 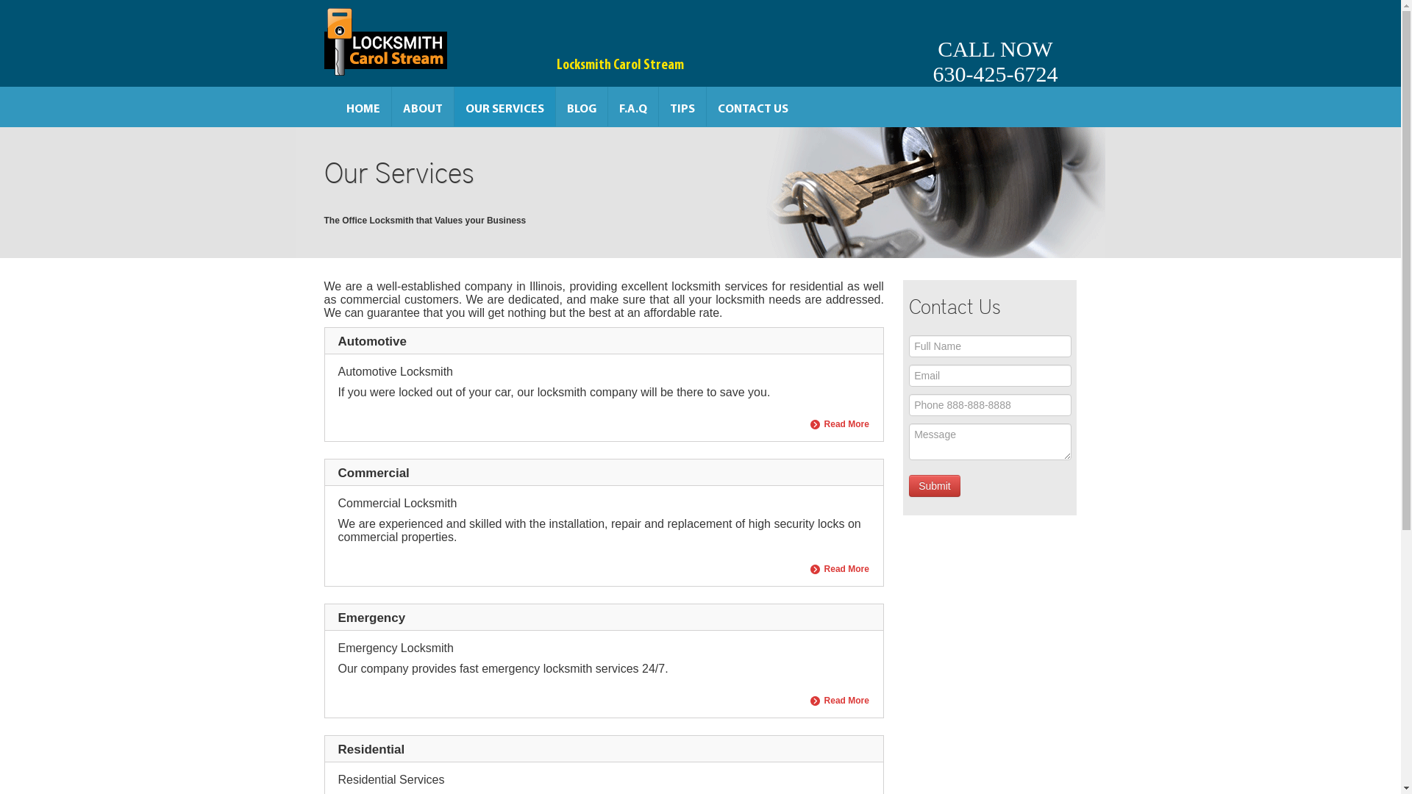 What do you see at coordinates (995, 42) in the screenshot?
I see `'CALL NOW` at bounding box center [995, 42].